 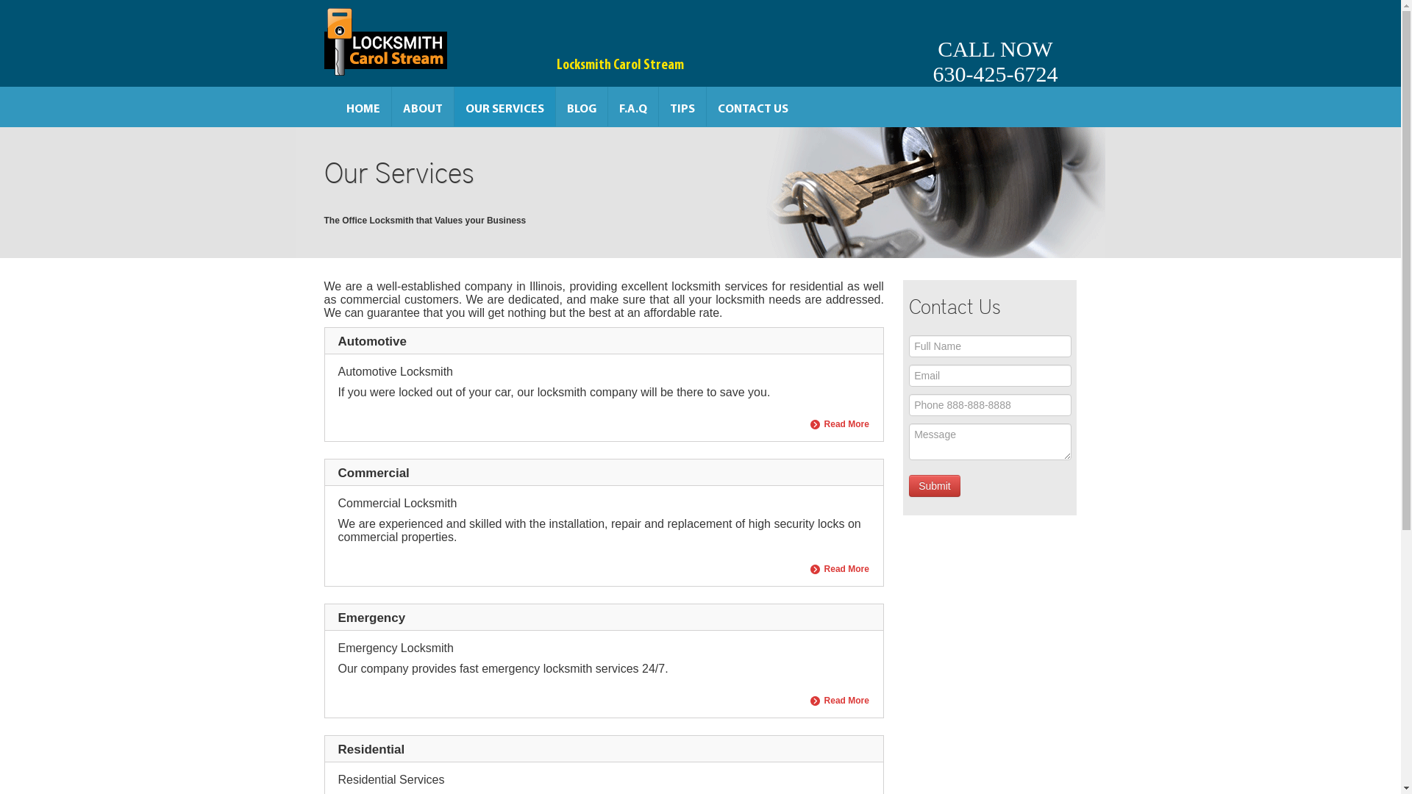 What do you see at coordinates (995, 42) in the screenshot?
I see `'CALL NOW` at bounding box center [995, 42].